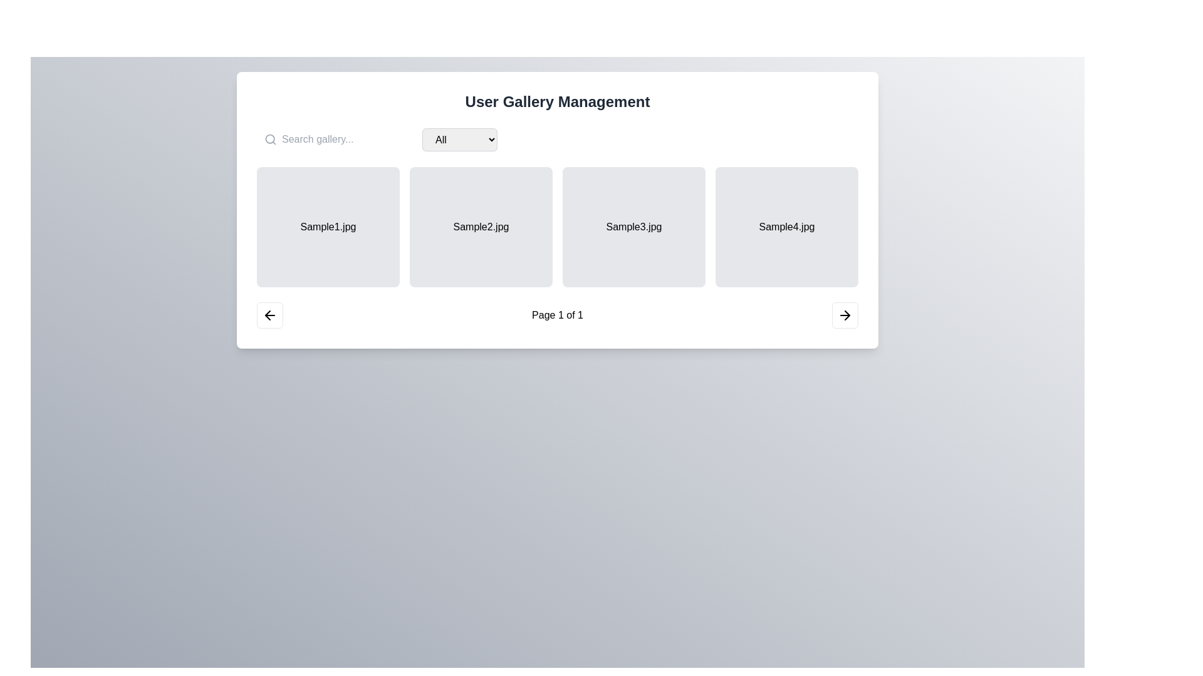 The height and width of the screenshot is (676, 1203). Describe the element at coordinates (845, 315) in the screenshot. I see `the right arrow icon in the bottom-right corner of the interface` at that location.